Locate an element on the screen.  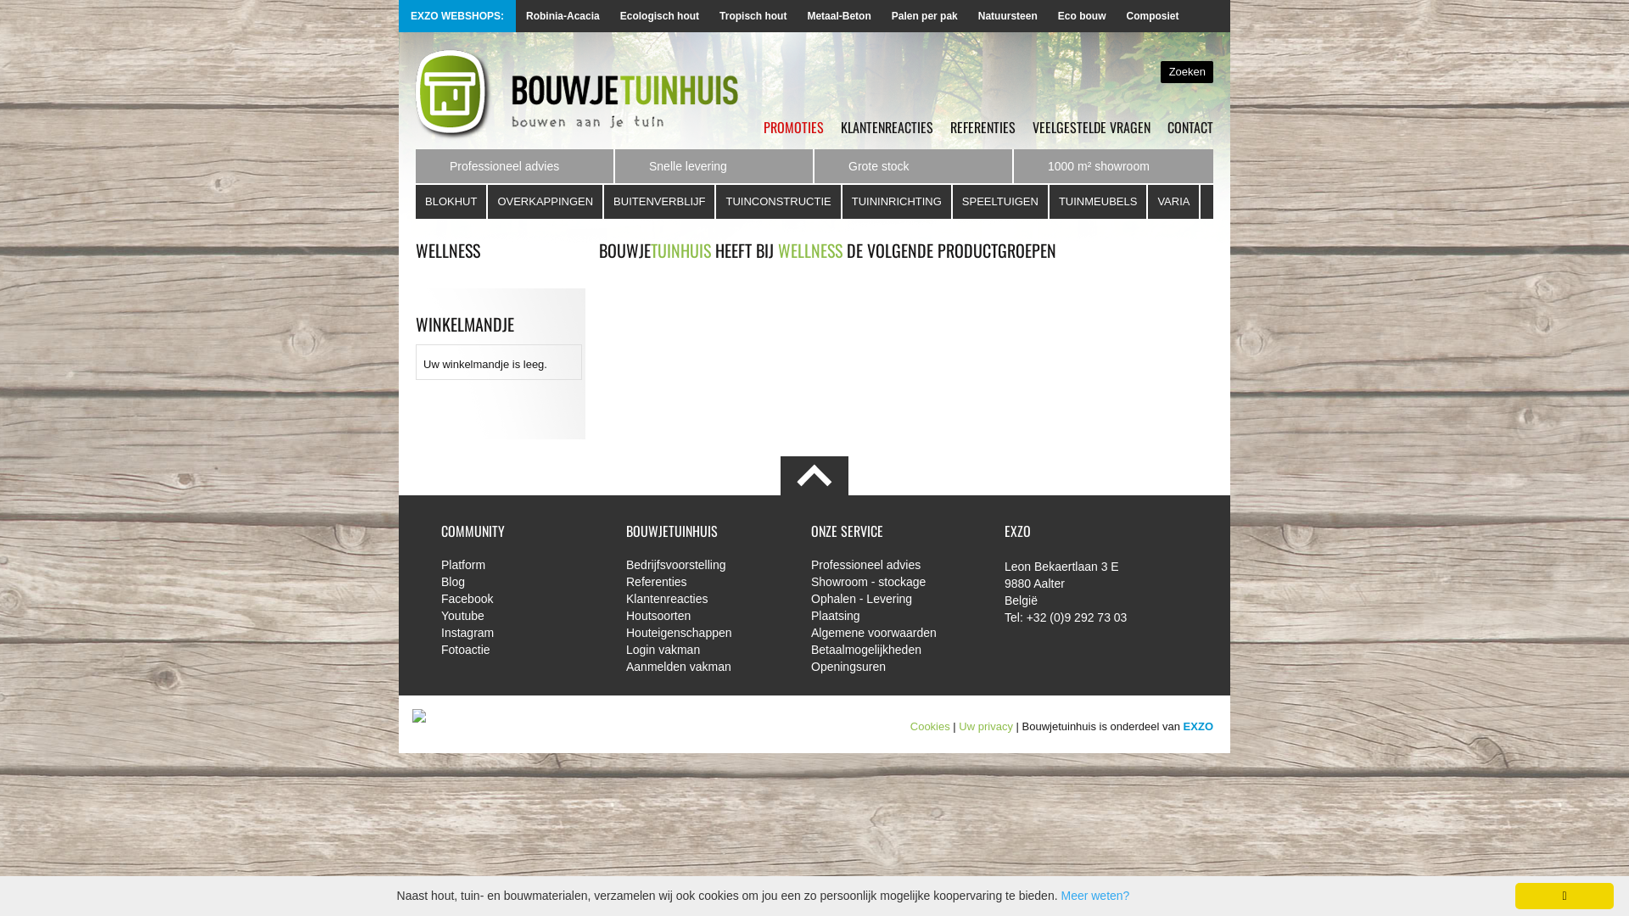
'BUITENVERBLIJF' is located at coordinates (658, 201).